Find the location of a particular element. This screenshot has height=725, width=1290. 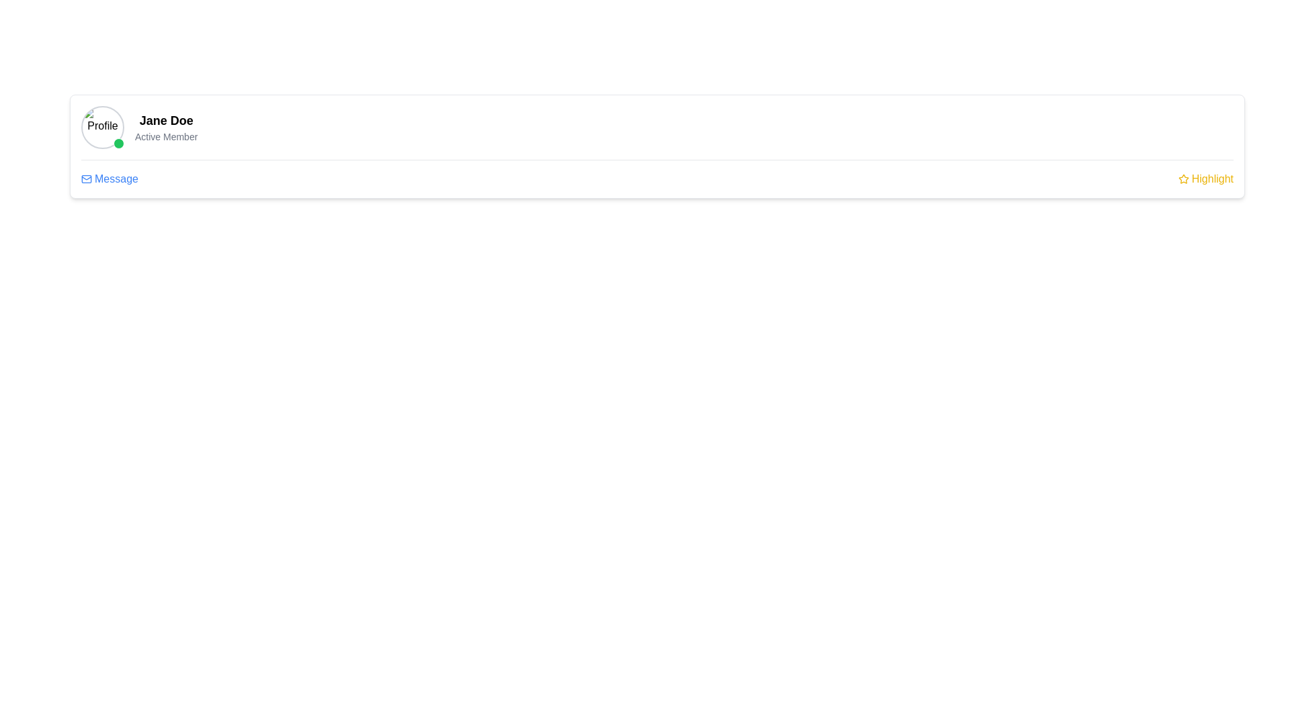

the SVG graphical icon representing the 'Message' functionality, which is located next to the textual label 'Message' in the lower-left area of the user information card is located at coordinates (86, 178).